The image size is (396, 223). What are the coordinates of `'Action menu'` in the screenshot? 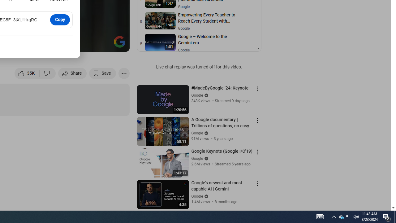 It's located at (257, 183).